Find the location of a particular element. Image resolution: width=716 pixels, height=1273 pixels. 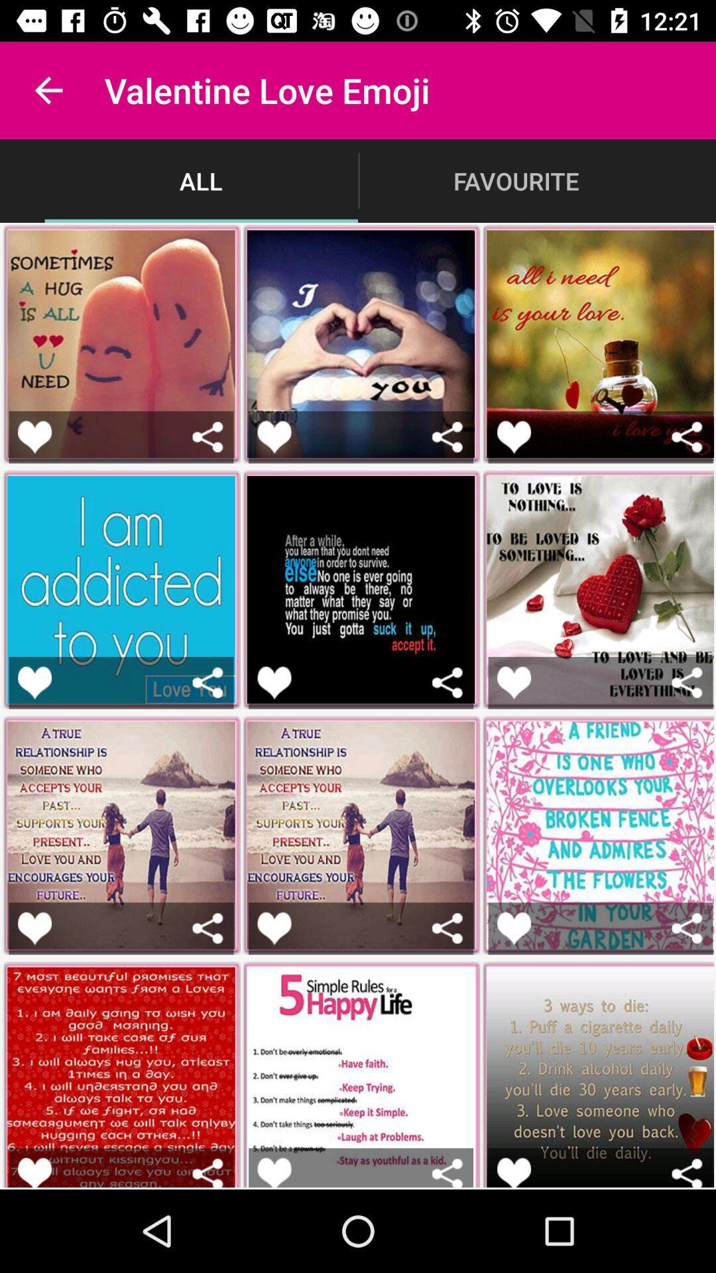

to favorites is located at coordinates (513, 928).